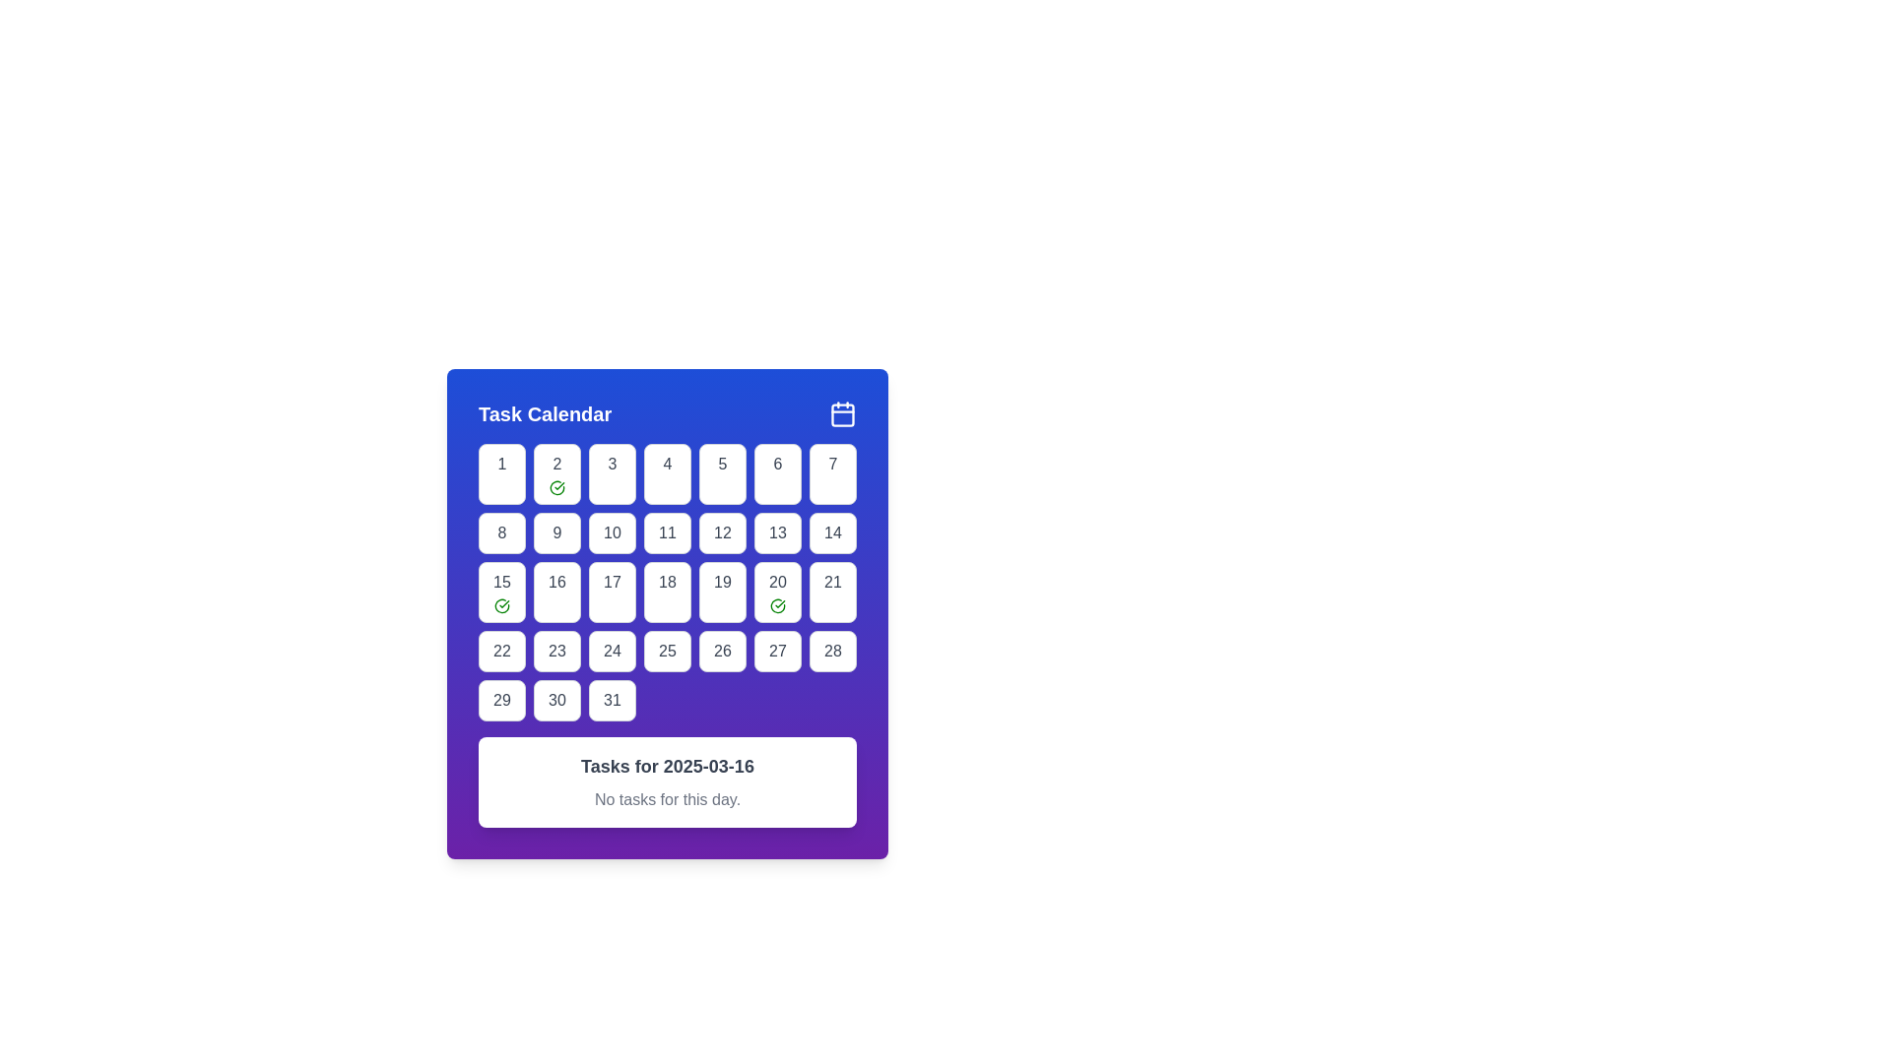 This screenshot has width=1891, height=1063. What do you see at coordinates (722, 581) in the screenshot?
I see `the text label representing the date '19' in the calendar grid` at bounding box center [722, 581].